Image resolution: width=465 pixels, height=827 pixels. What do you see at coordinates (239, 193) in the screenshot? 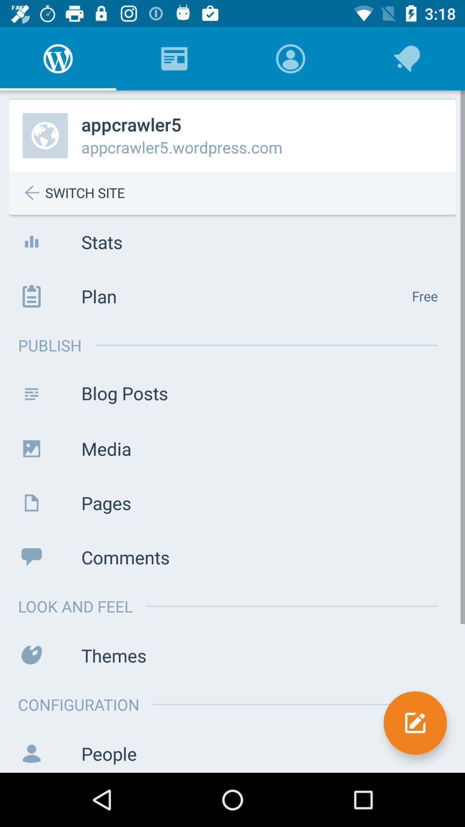
I see `the switch site` at bounding box center [239, 193].